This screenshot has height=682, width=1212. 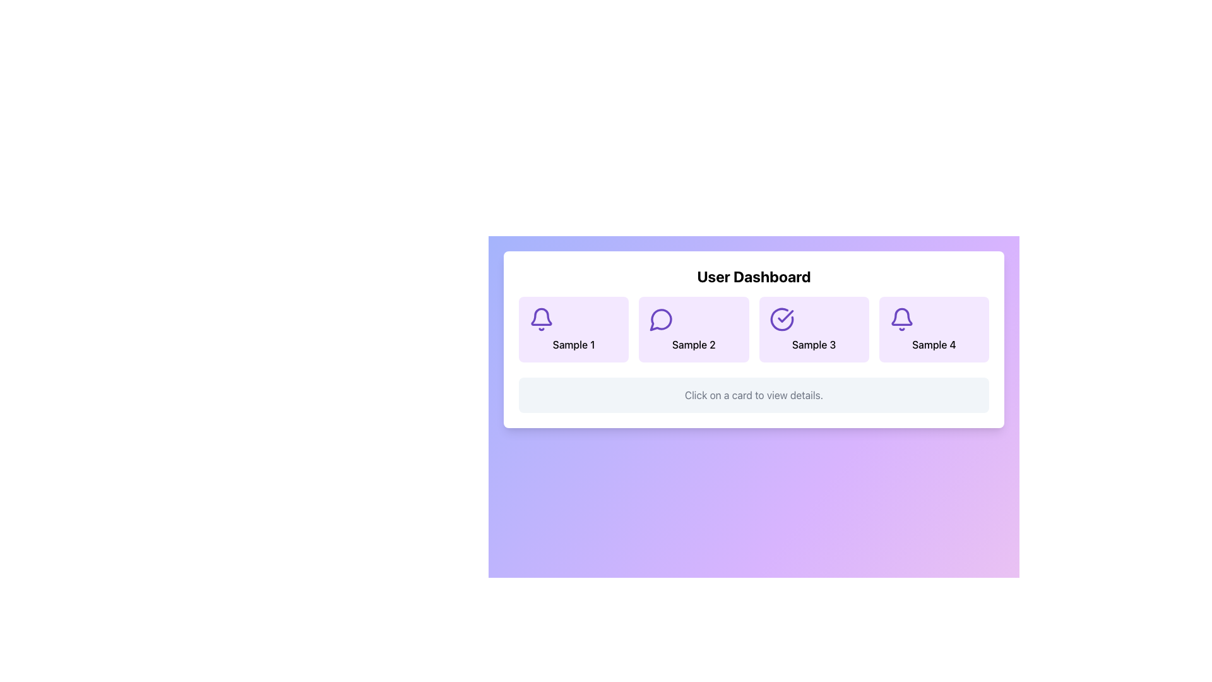 I want to click on the checkmark vector graphic indicating completion within the 'Sample 3' item under the 'User Dashboard', so click(x=785, y=316).